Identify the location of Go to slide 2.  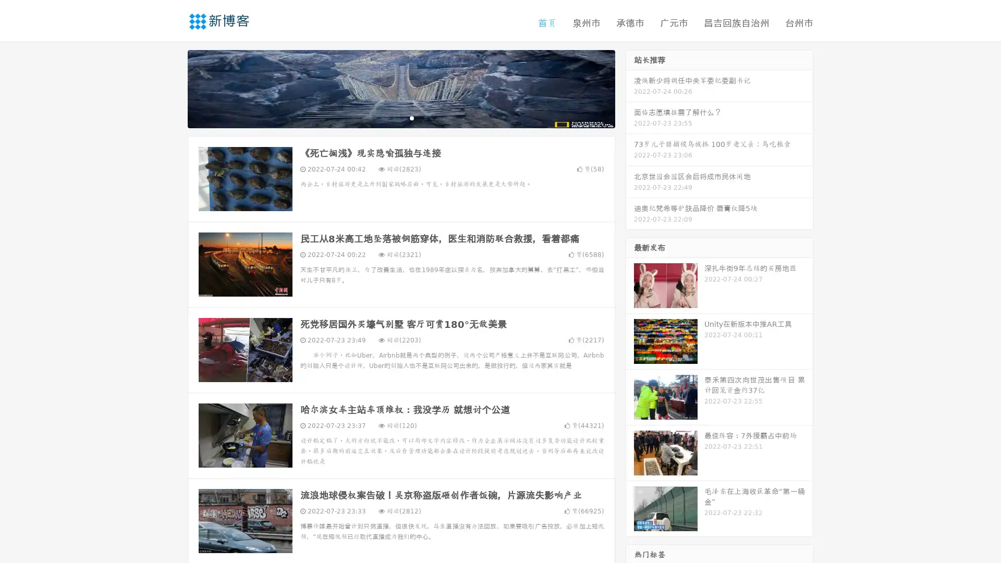
(400, 117).